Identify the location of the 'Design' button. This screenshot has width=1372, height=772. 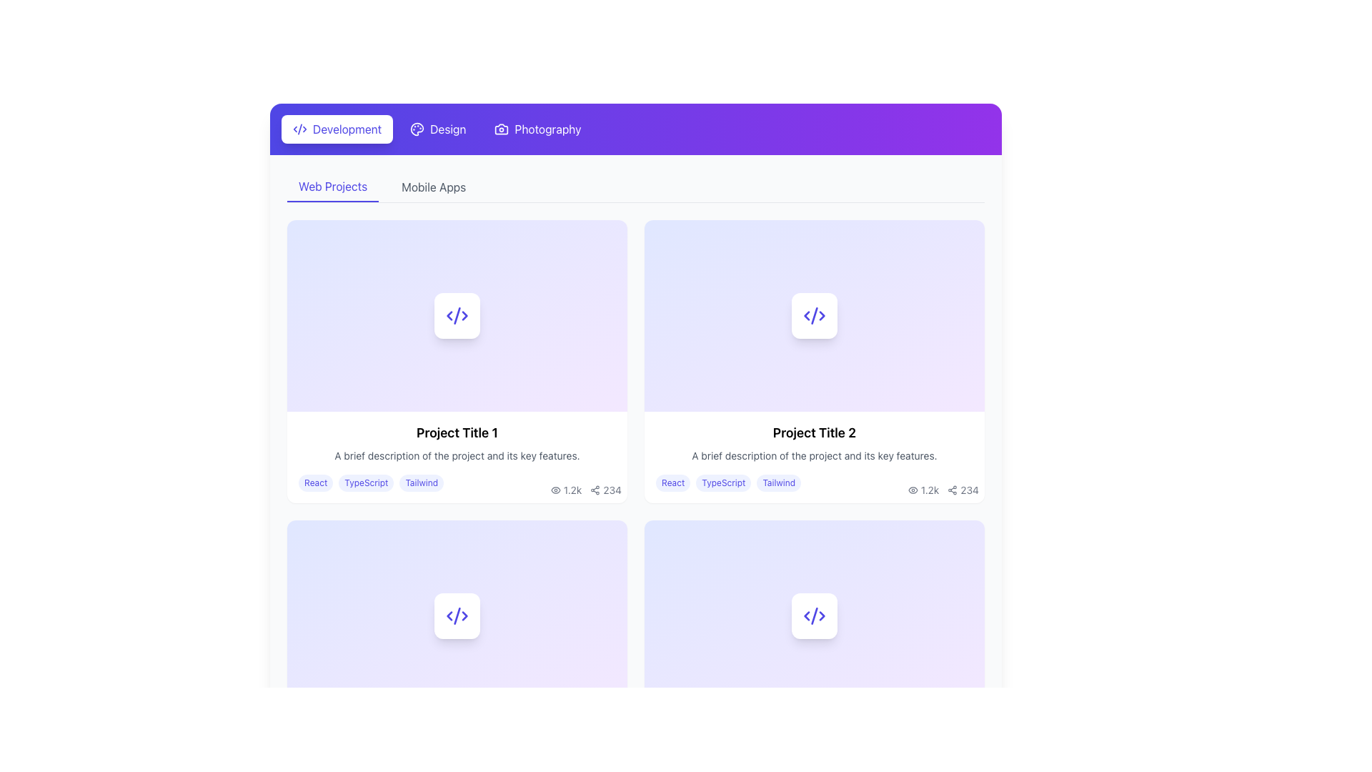
(437, 129).